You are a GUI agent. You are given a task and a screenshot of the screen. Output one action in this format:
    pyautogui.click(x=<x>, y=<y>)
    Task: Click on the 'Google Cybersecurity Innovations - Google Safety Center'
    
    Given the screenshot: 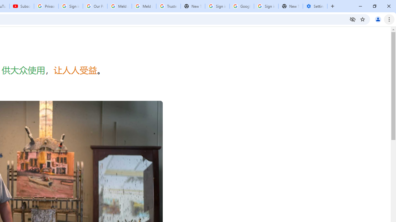 What is the action you would take?
    pyautogui.click(x=241, y=6)
    